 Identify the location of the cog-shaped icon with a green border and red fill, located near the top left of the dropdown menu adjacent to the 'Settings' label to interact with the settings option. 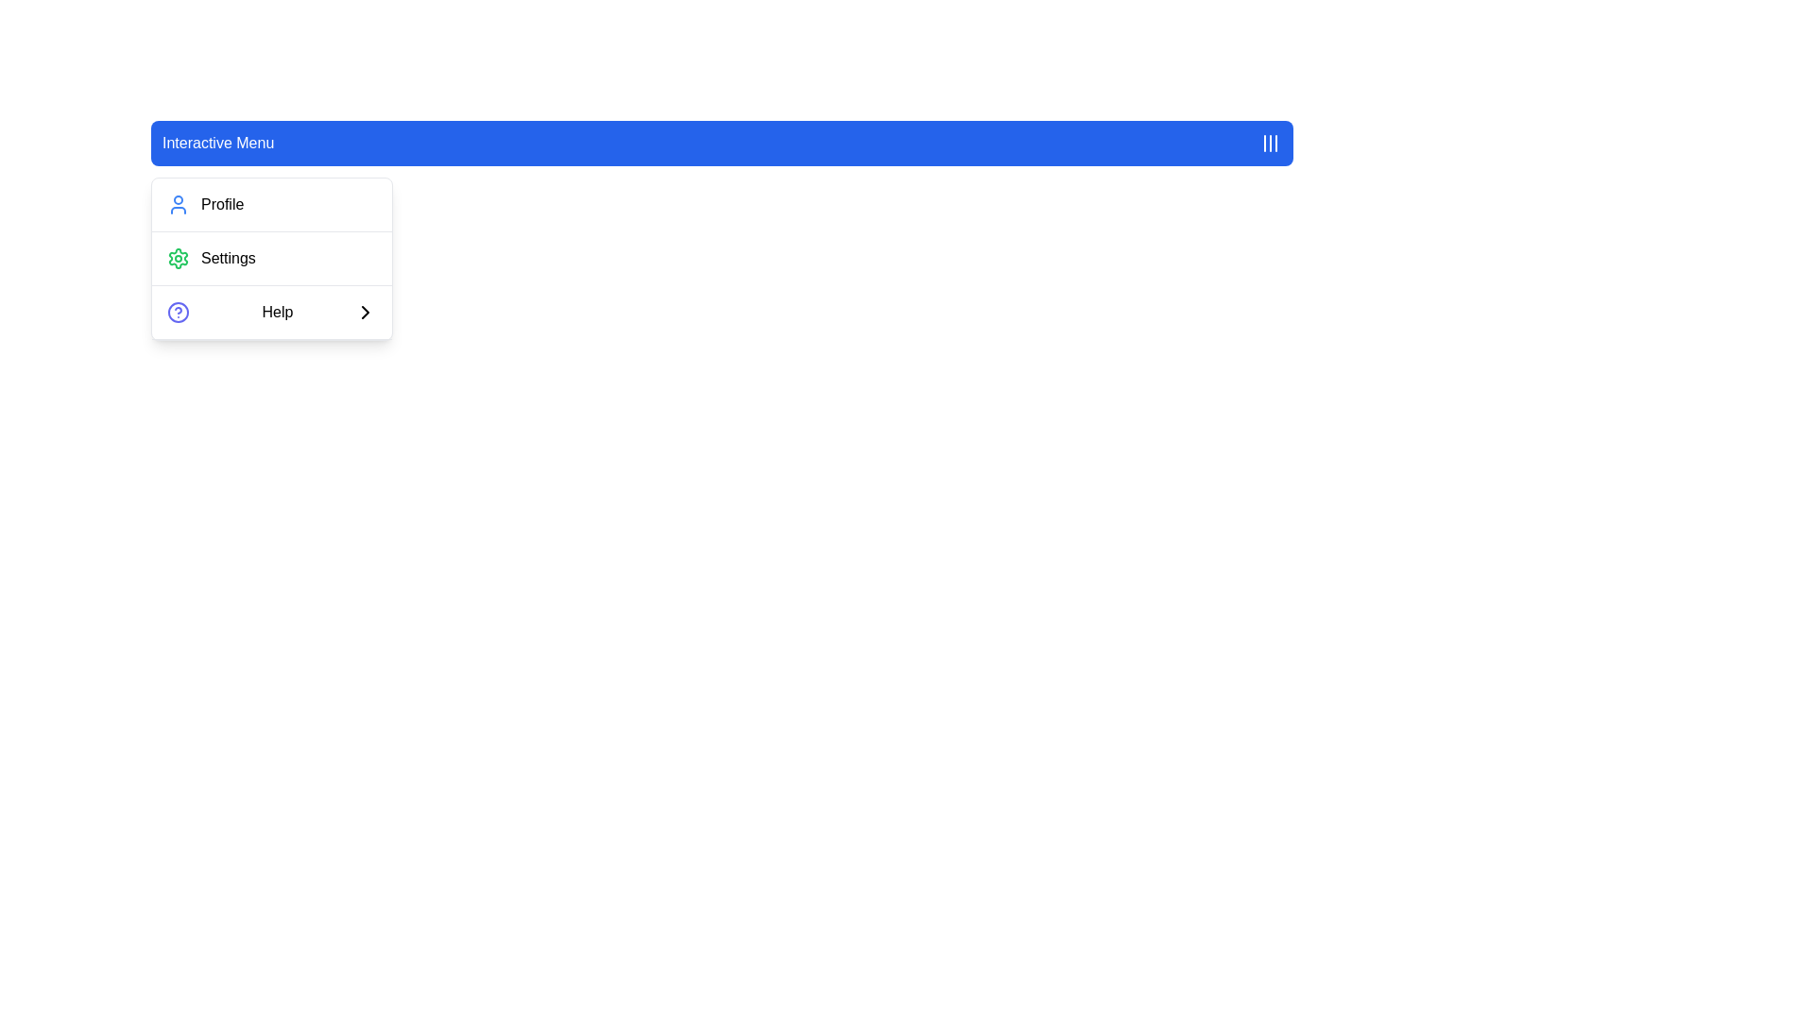
(178, 258).